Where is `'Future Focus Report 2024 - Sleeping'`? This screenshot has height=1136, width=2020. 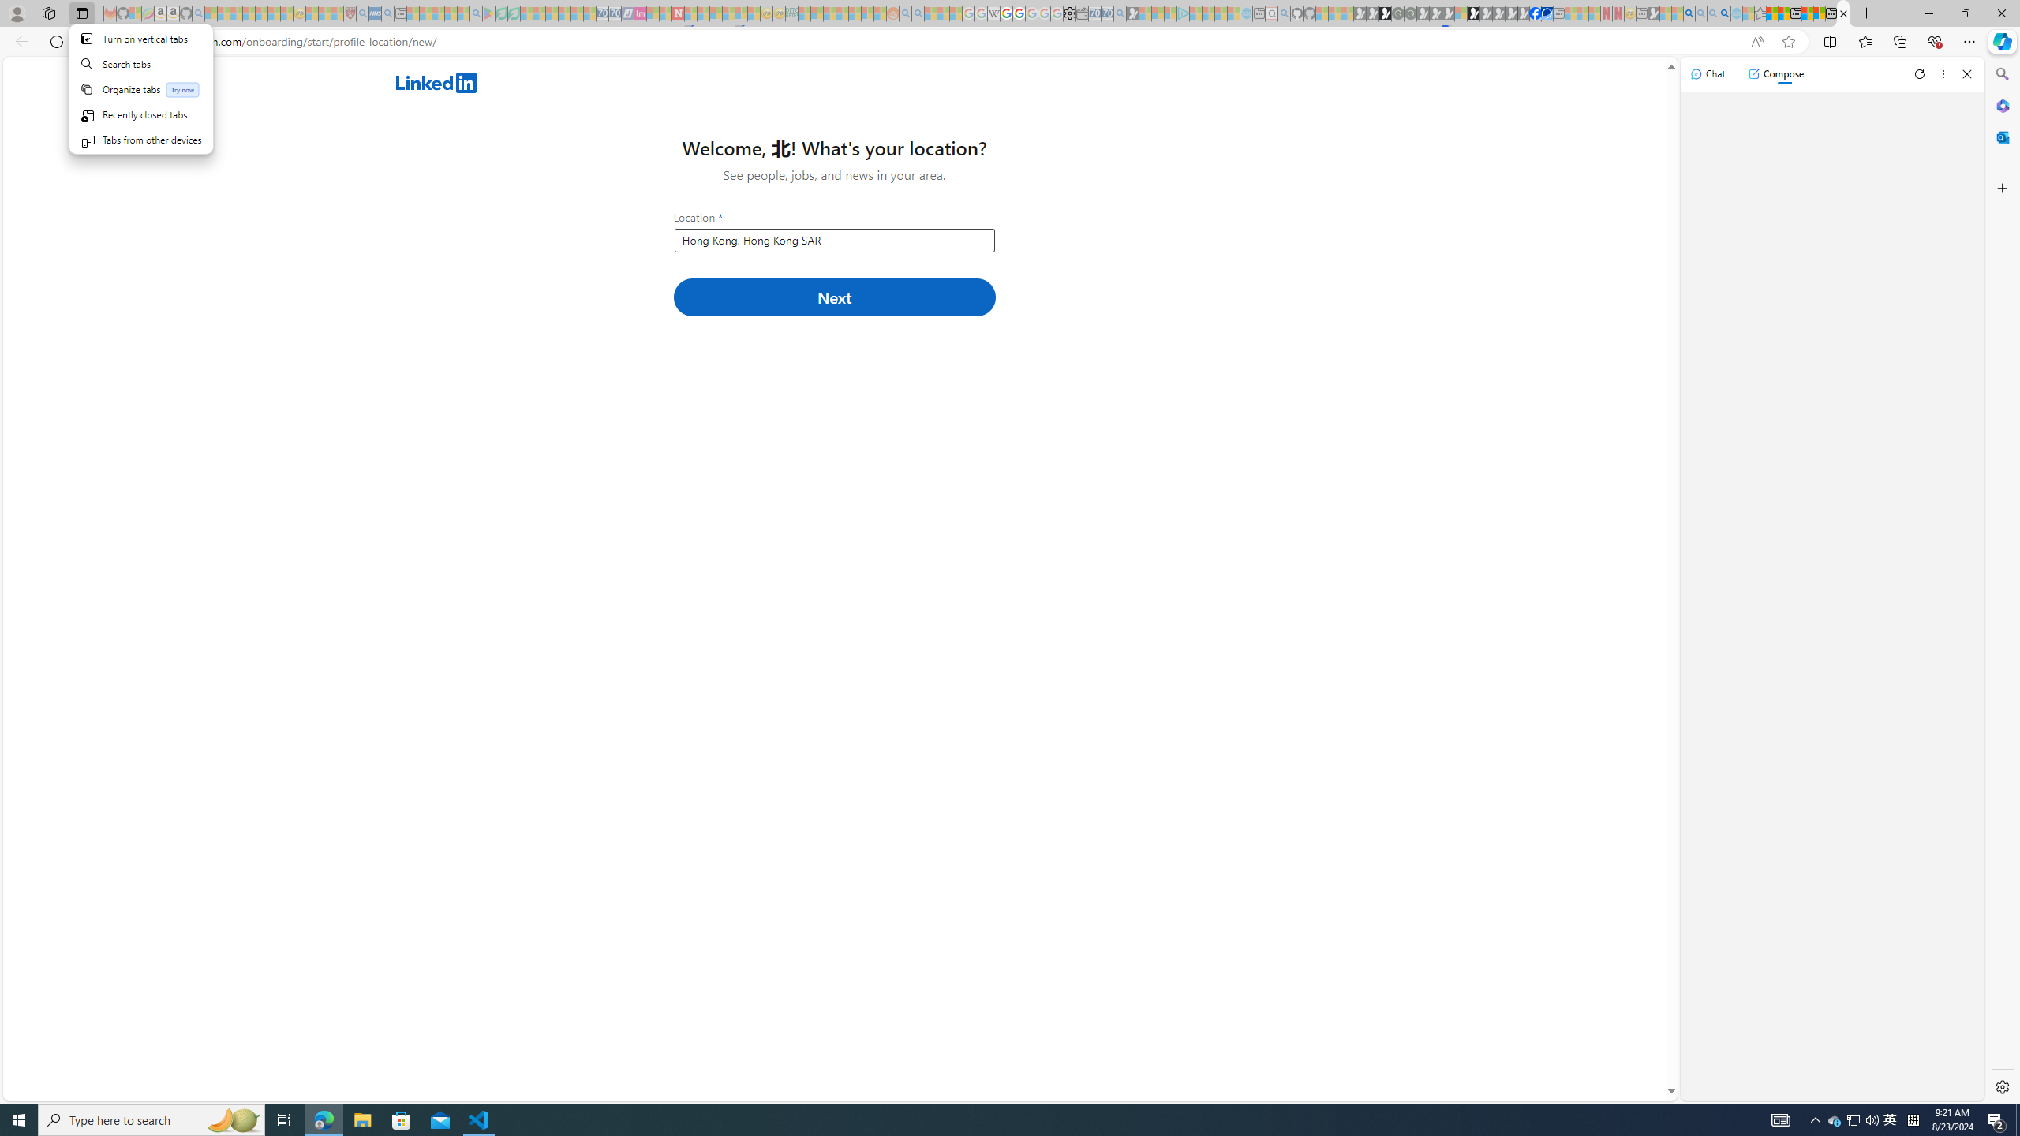 'Future Focus Report 2024 - Sleeping' is located at coordinates (1410, 13).